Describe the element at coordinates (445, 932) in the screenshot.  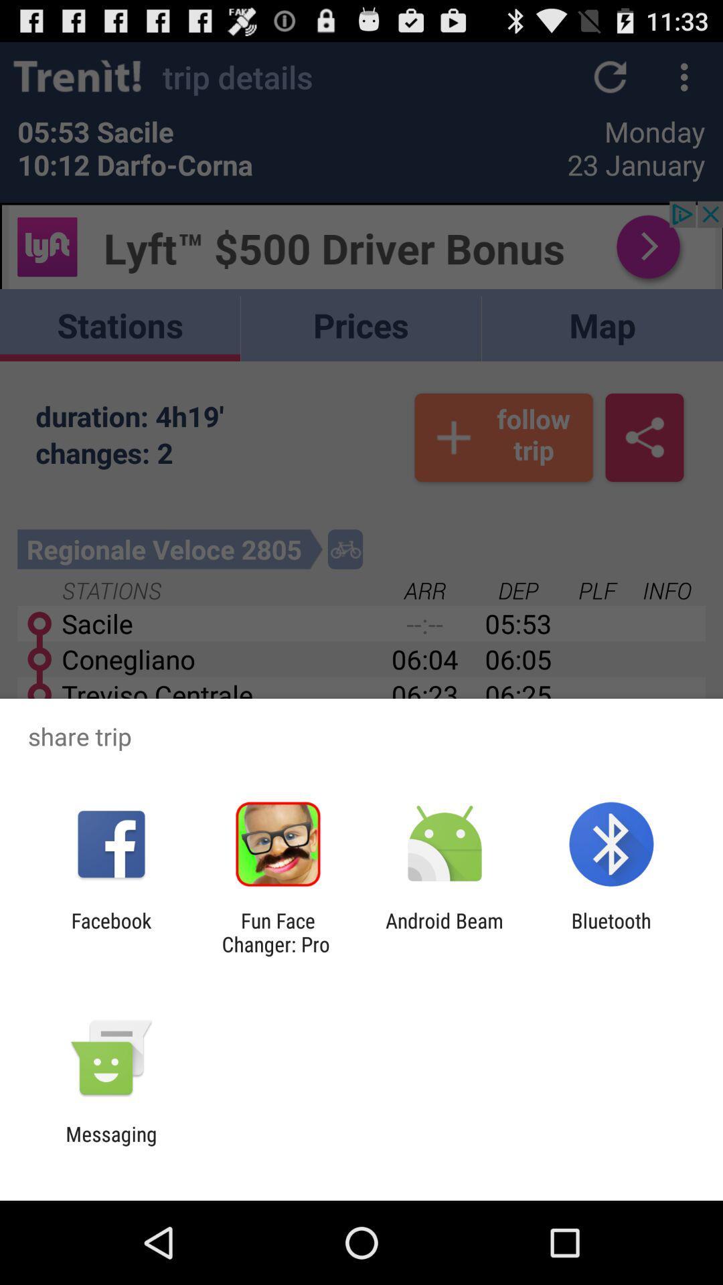
I see `the android beam` at that location.